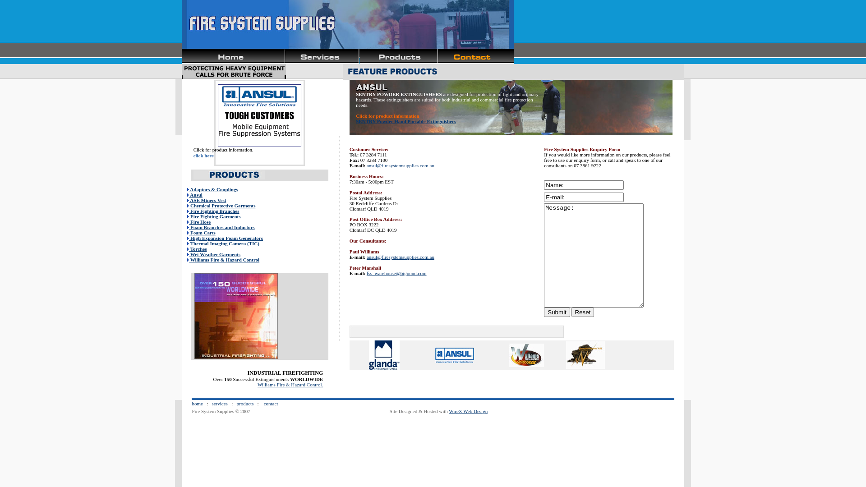  Describe the element at coordinates (223, 243) in the screenshot. I see `' Thermal Imaging Camera (TIC)'` at that location.